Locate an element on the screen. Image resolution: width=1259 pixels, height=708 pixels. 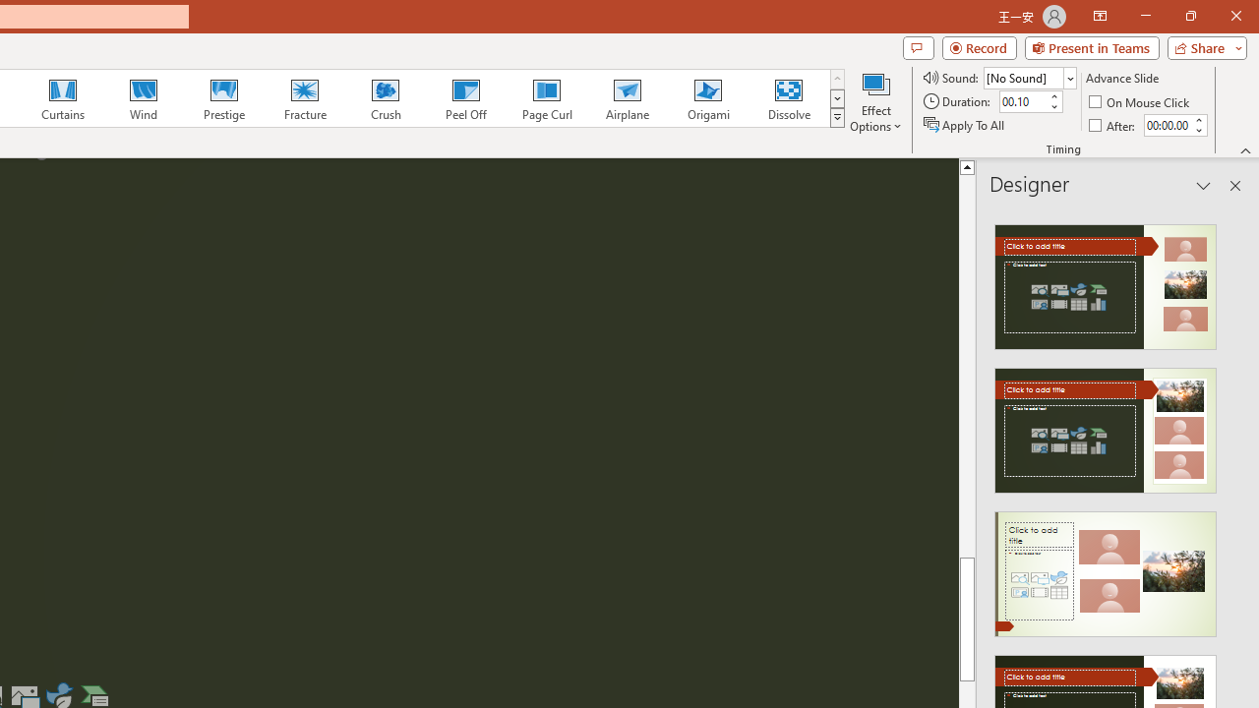
'Prestige' is located at coordinates (223, 98).